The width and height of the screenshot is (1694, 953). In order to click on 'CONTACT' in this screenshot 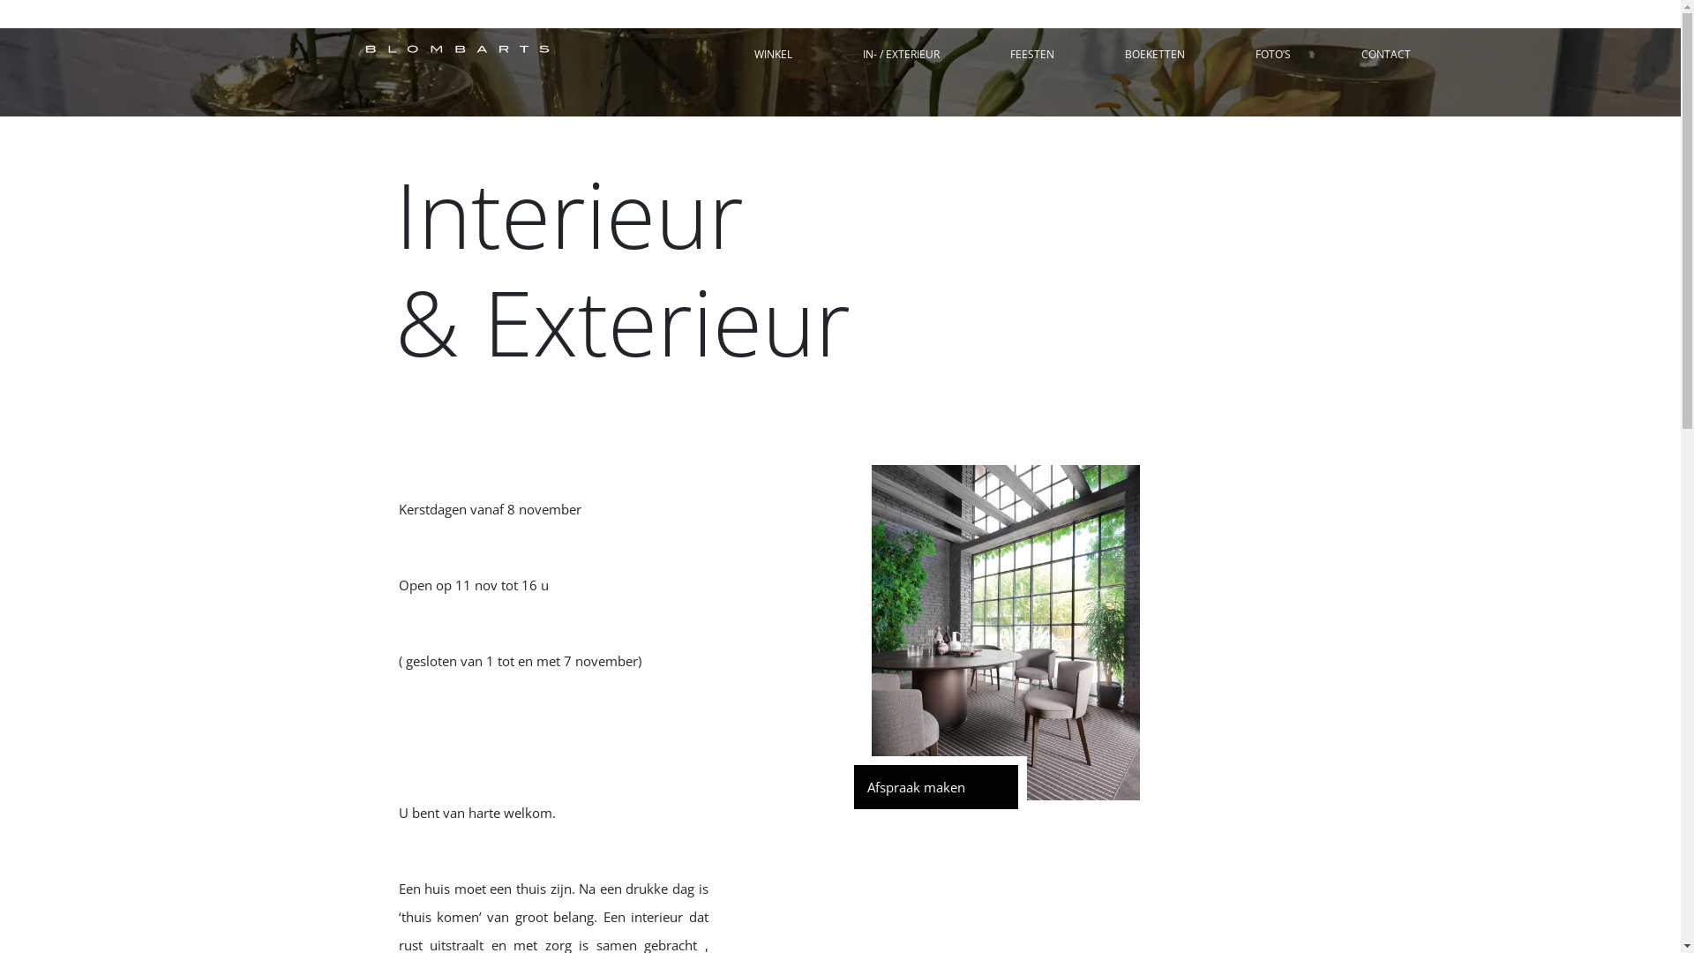, I will do `click(1383, 53)`.